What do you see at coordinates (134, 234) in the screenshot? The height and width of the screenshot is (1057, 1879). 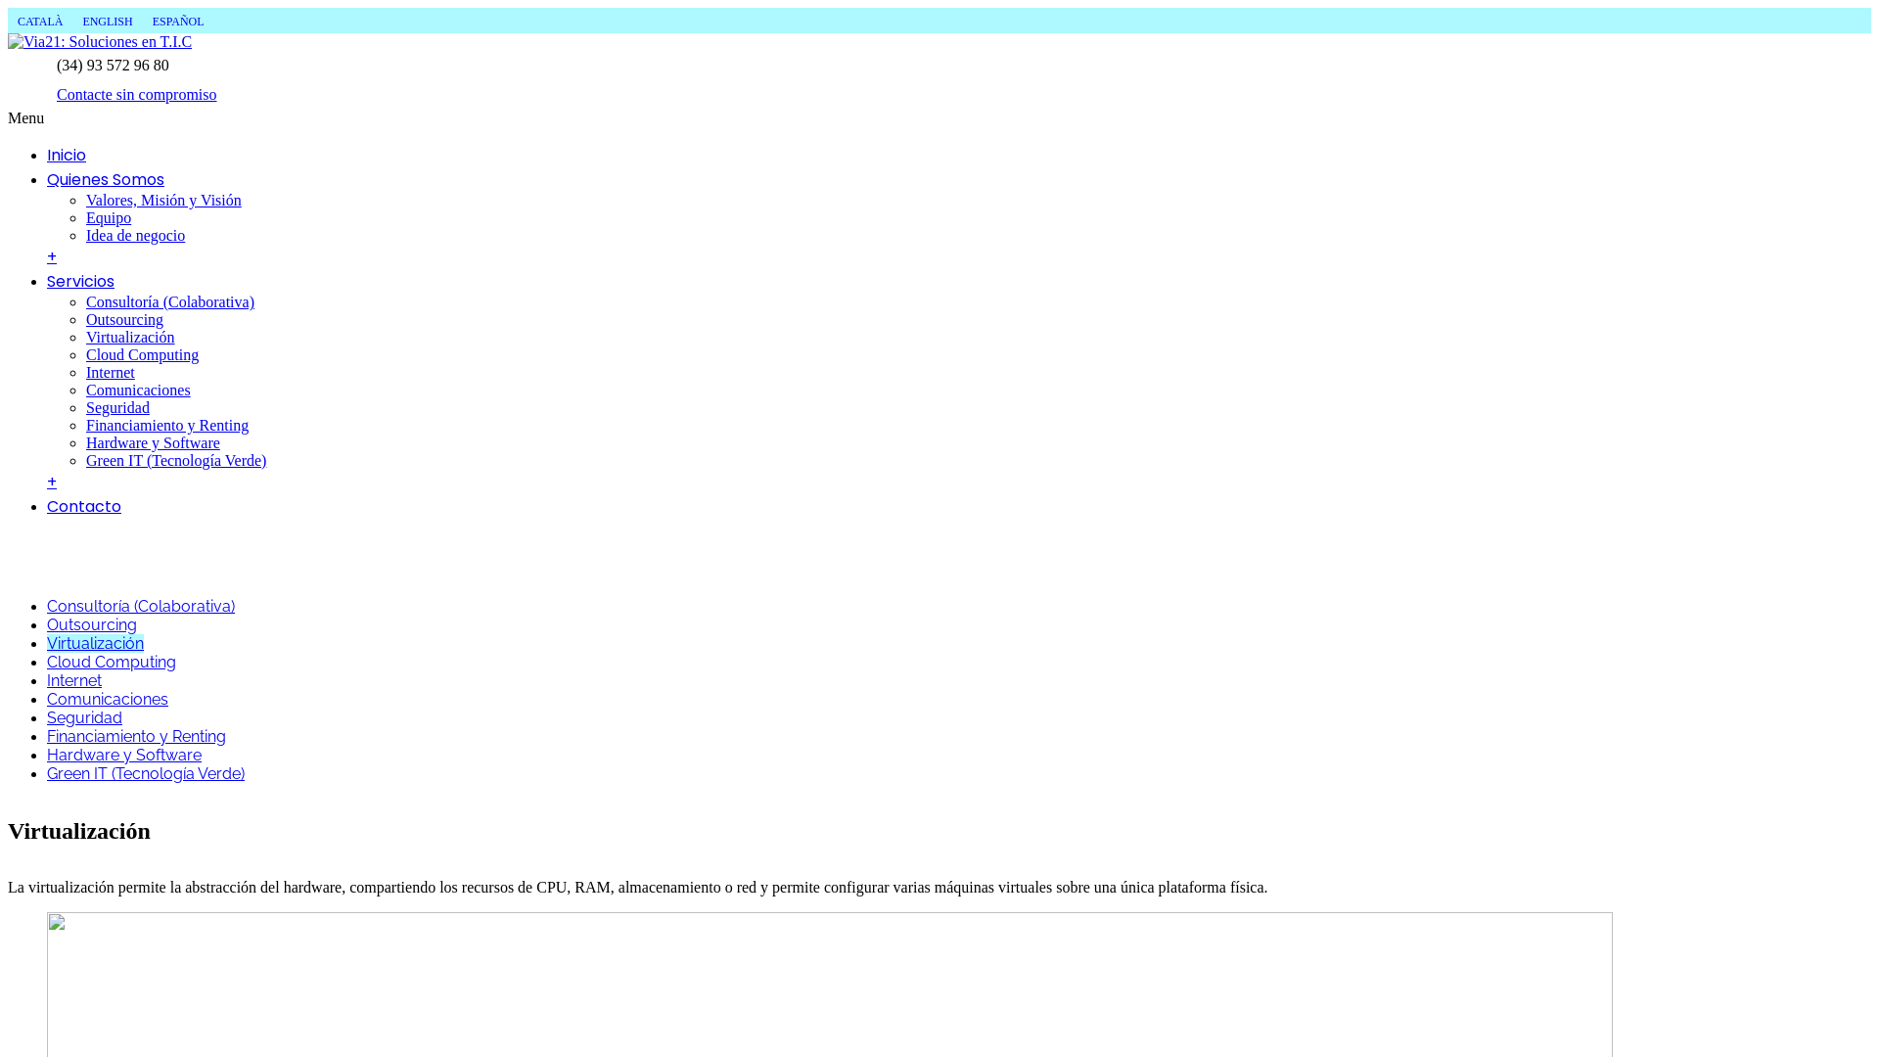 I see `'Idea de negocio'` at bounding box center [134, 234].